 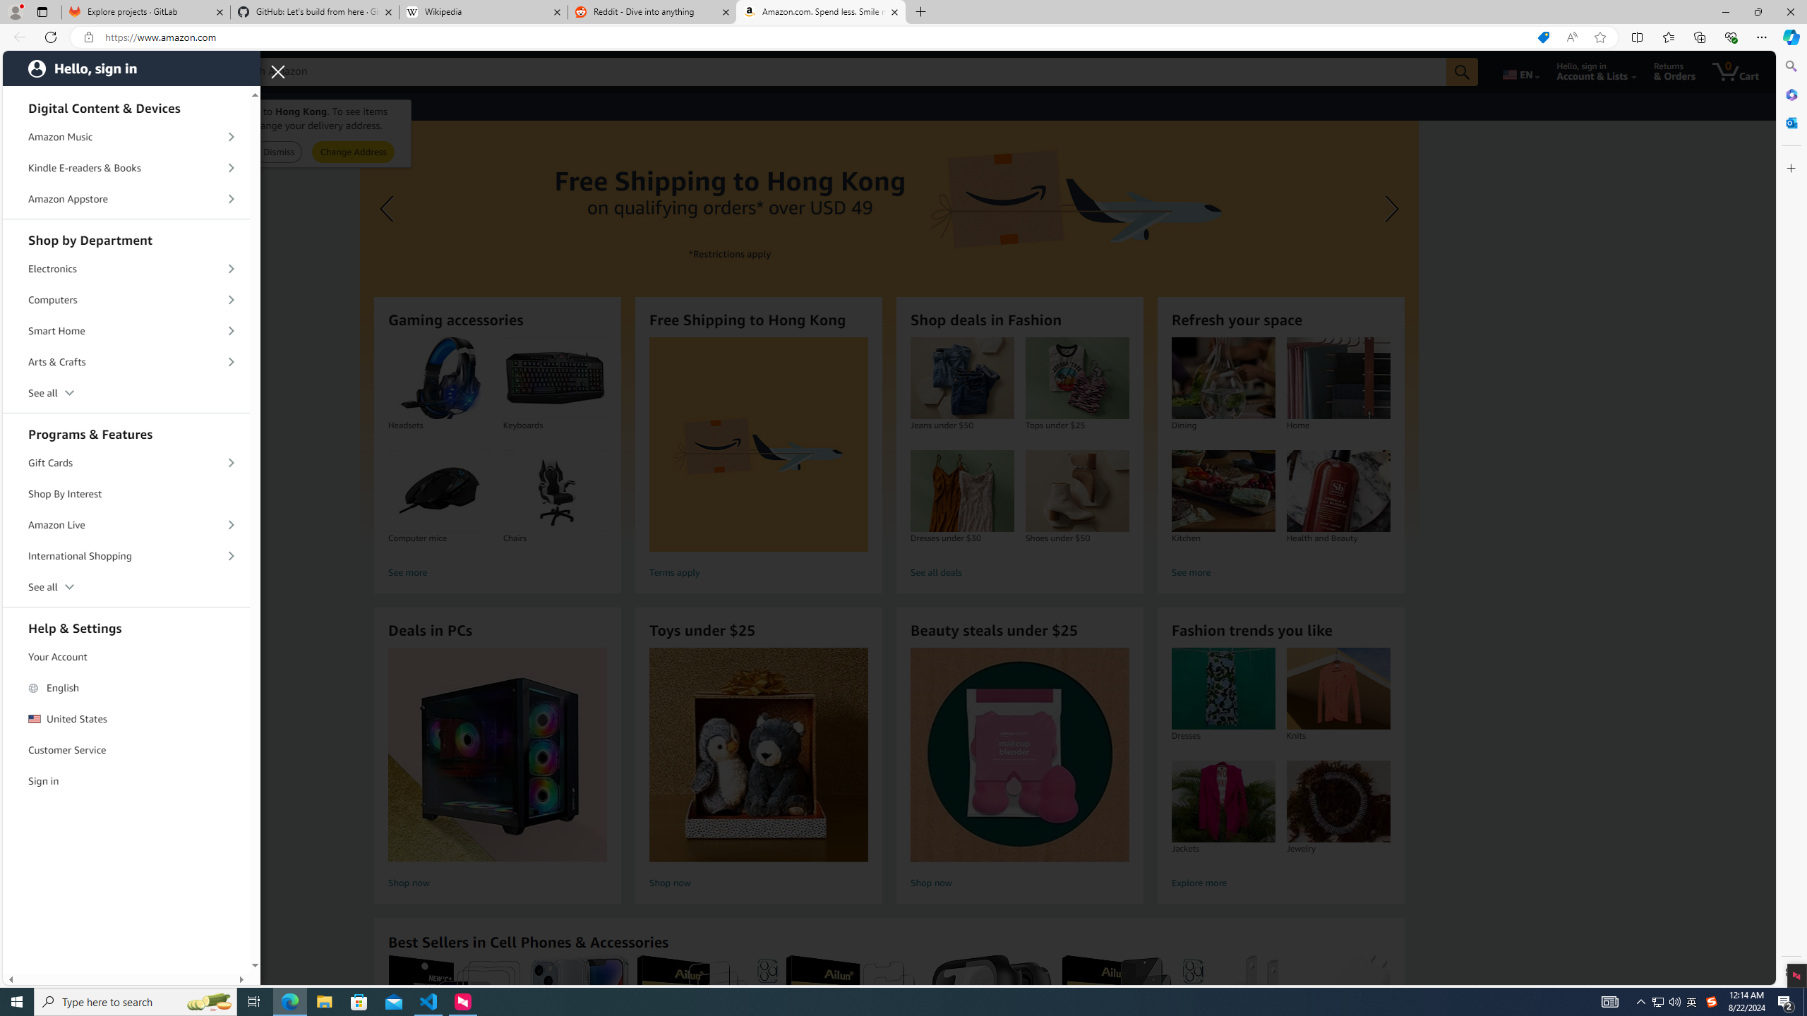 What do you see at coordinates (126, 198) in the screenshot?
I see `'Amazon Appstore'` at bounding box center [126, 198].